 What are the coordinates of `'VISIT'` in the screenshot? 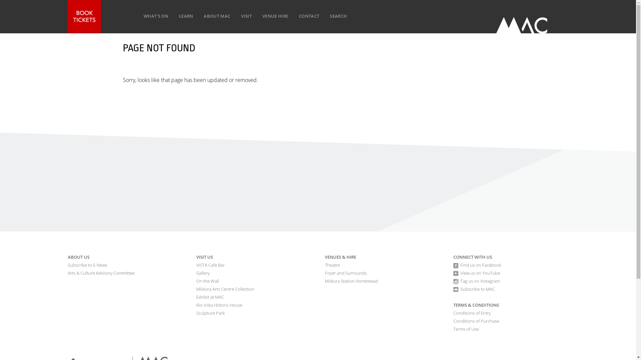 It's located at (246, 16).